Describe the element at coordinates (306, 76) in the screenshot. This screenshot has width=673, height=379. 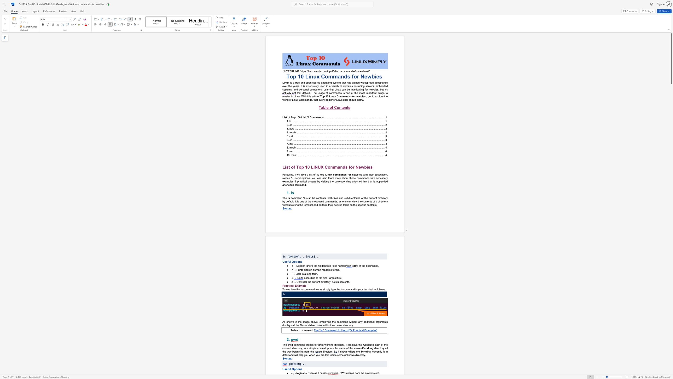
I see `the 1th character "L" in the text` at that location.